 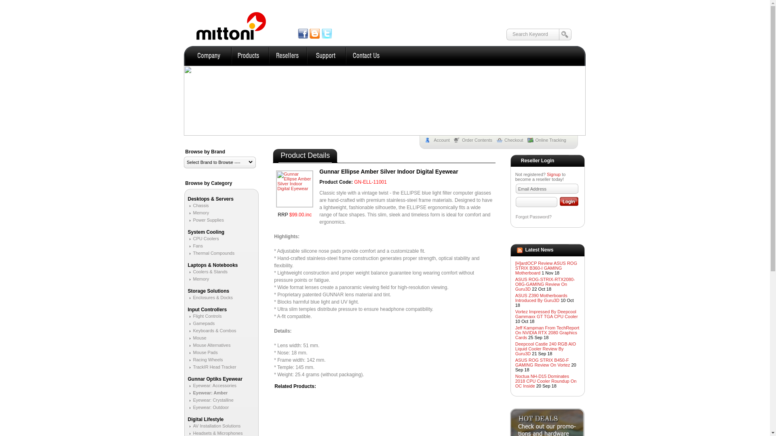 What do you see at coordinates (541, 298) in the screenshot?
I see `'ASUS Z390 Motherboards Introduced By Guru3D'` at bounding box center [541, 298].